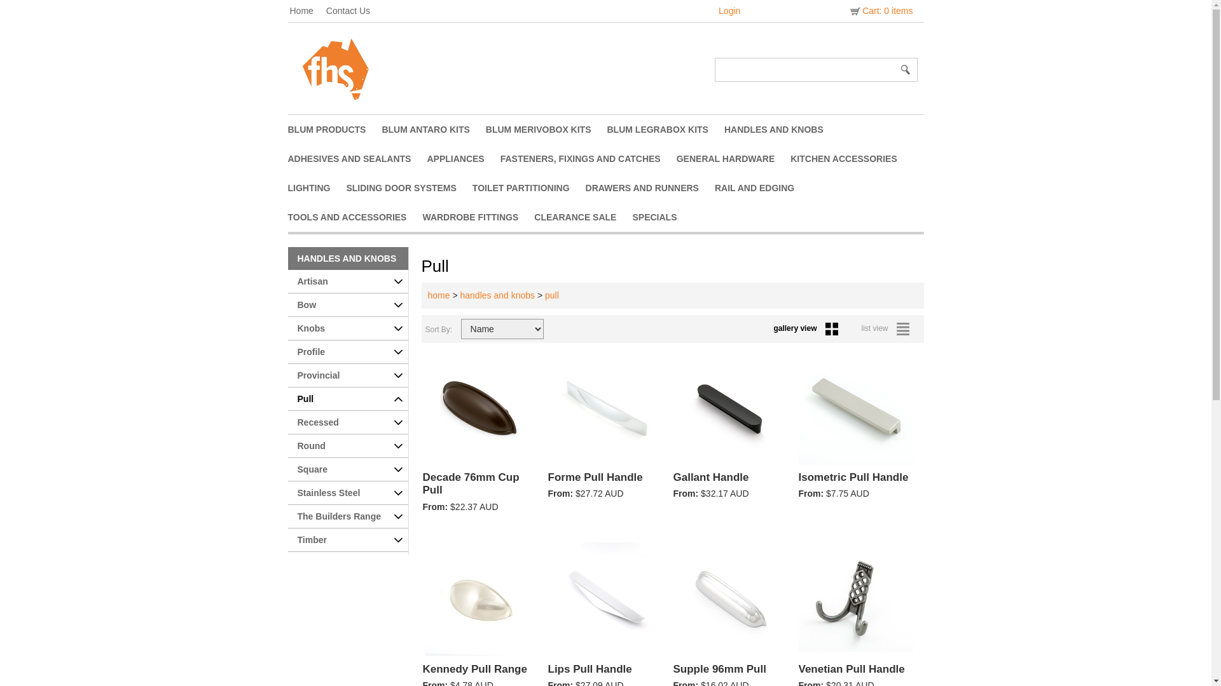 The height and width of the screenshot is (686, 1221). Describe the element at coordinates (356, 158) in the screenshot. I see `'ADHESIVES AND SEALANTS'` at that location.